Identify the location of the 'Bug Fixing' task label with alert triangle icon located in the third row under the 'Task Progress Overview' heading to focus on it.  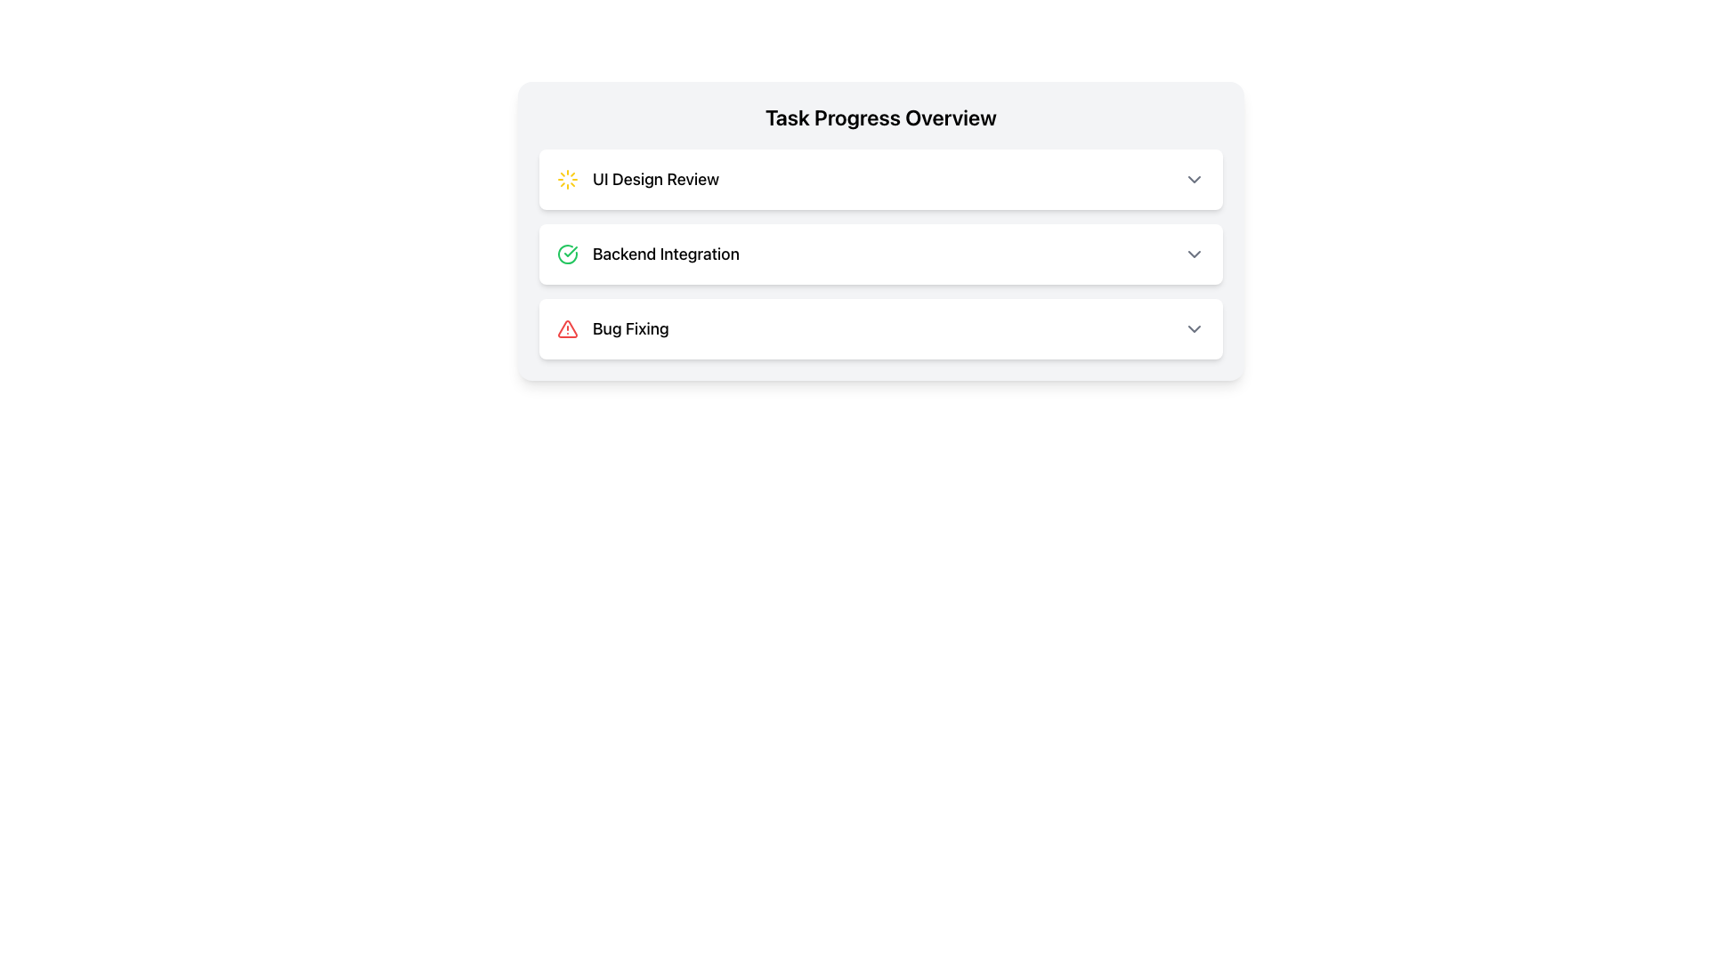
(612, 329).